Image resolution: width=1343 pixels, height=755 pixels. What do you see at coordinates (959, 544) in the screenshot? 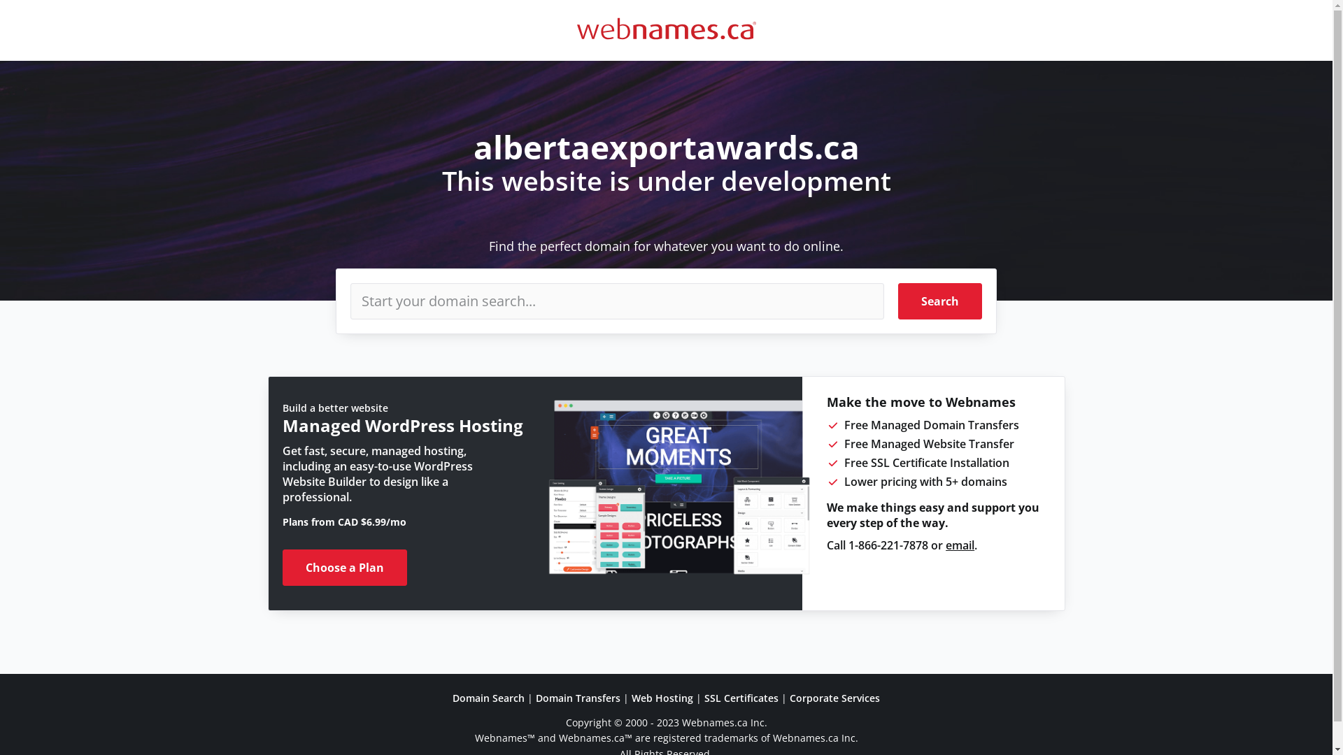
I see `'email'` at bounding box center [959, 544].